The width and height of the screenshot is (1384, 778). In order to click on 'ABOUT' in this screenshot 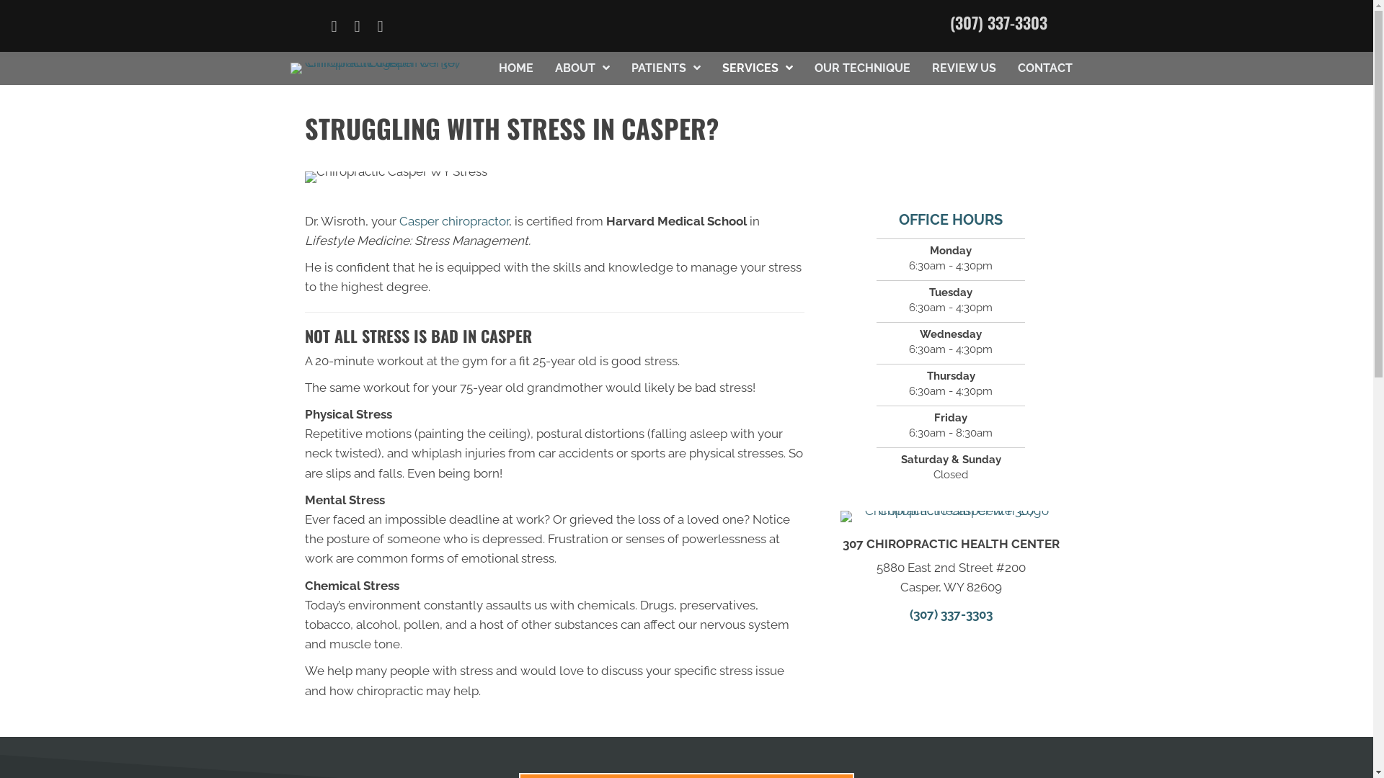, I will do `click(582, 68)`.